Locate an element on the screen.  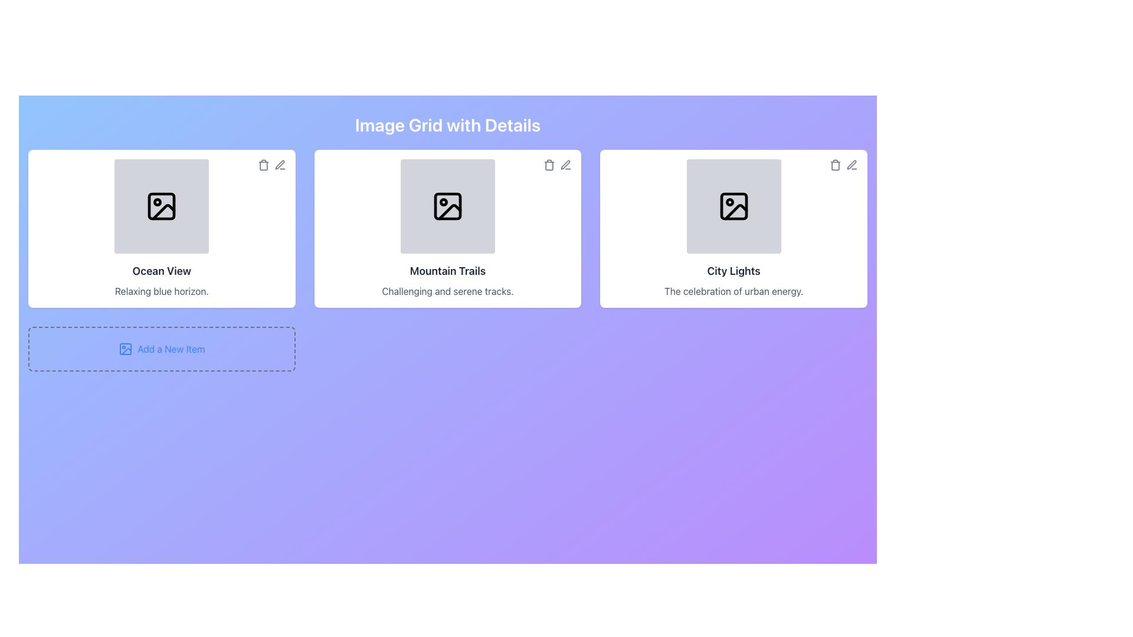
the text label 'Mountain Trails' located in the middle card of the three-column grid is located at coordinates (447, 271).